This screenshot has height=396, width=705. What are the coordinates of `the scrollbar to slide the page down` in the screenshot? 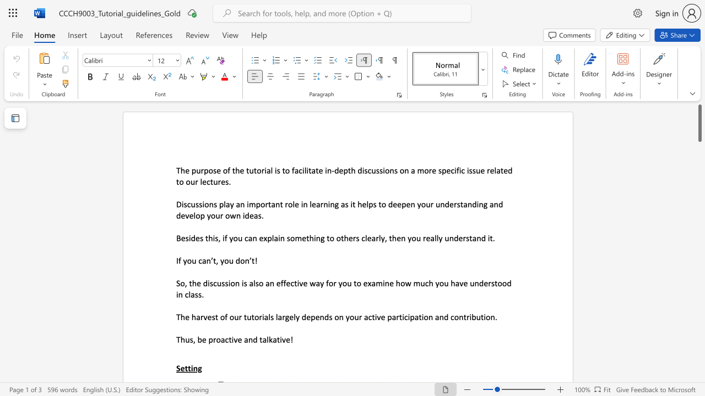 It's located at (699, 302).